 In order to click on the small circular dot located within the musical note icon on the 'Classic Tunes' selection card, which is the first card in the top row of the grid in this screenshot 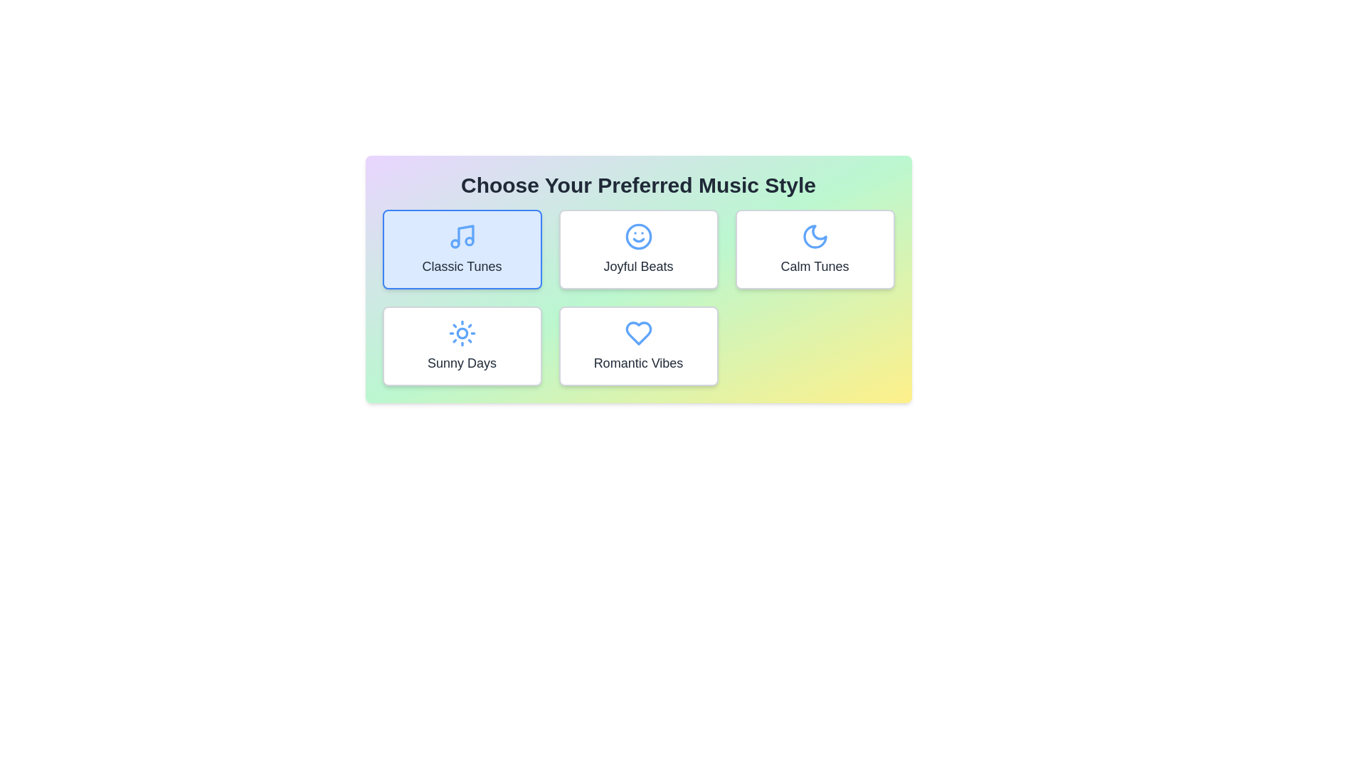, I will do `click(469, 240)`.